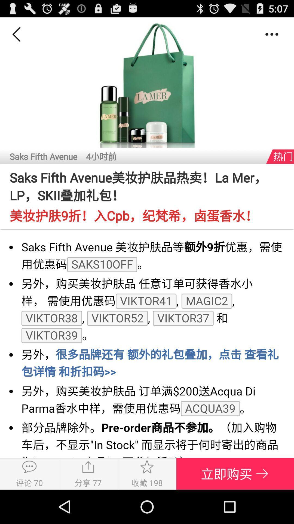  What do you see at coordinates (16, 36) in the screenshot?
I see `the arrow_backward icon` at bounding box center [16, 36].